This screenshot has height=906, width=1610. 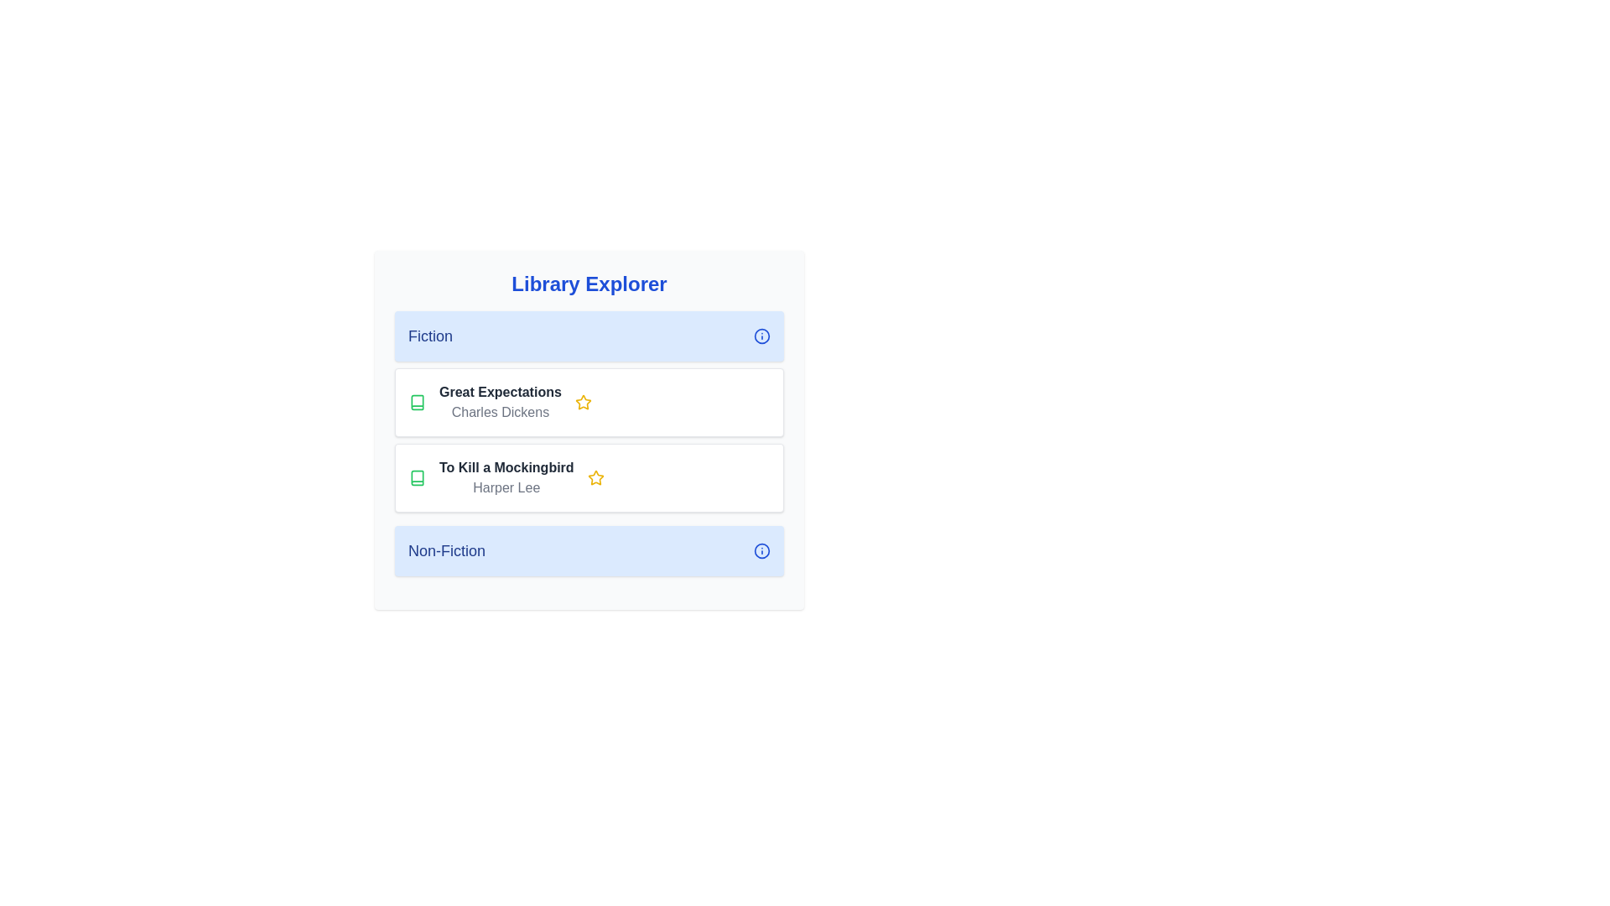 I want to click on the category header Fiction to see the hover effect, so click(x=589, y=336).